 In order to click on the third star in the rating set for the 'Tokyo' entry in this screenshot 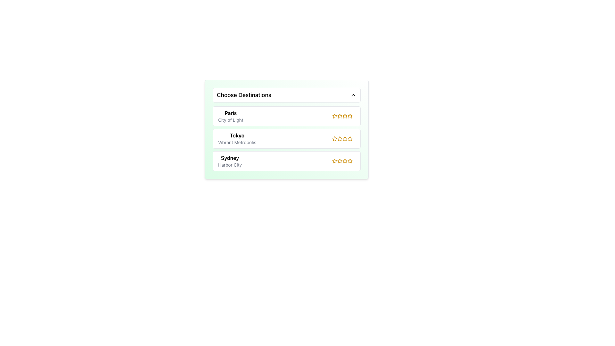, I will do `click(344, 138)`.